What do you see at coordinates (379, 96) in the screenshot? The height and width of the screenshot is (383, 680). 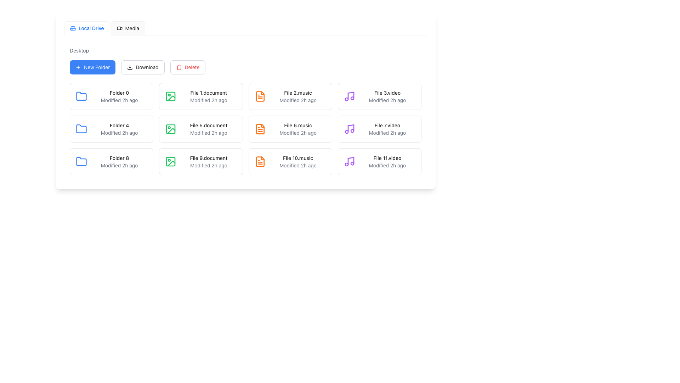 I see `on the video file entry named 'File 3.video' located in the file grid area, specifically the third item in the second row` at bounding box center [379, 96].